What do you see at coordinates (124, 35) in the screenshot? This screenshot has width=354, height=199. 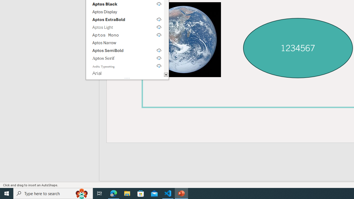 I see `'Aptos Mono, select to download'` at bounding box center [124, 35].